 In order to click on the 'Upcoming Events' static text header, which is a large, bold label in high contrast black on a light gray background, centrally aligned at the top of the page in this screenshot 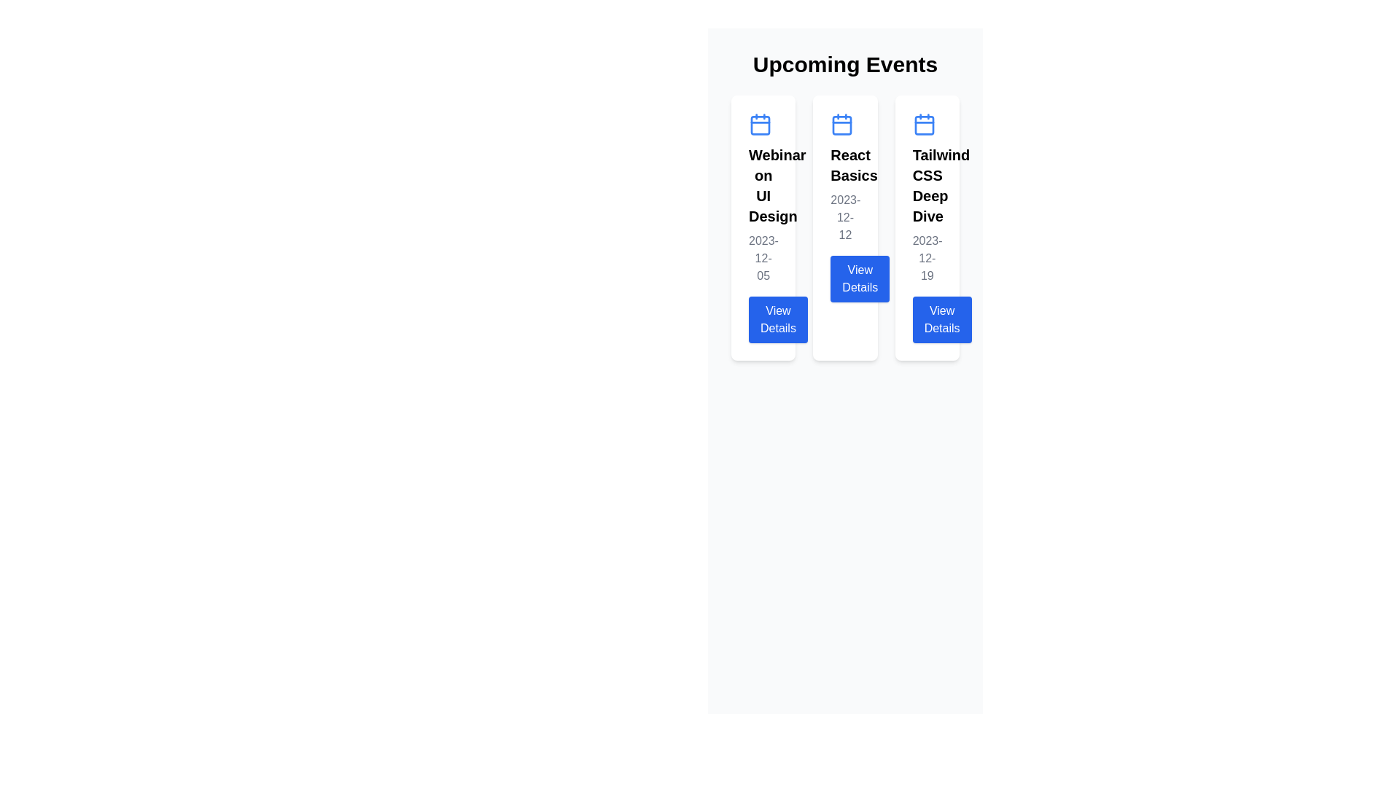, I will do `click(845, 63)`.